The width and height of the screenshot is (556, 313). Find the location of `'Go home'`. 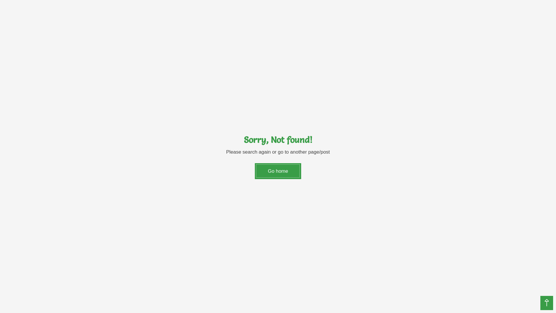

'Go home' is located at coordinates (255, 171).